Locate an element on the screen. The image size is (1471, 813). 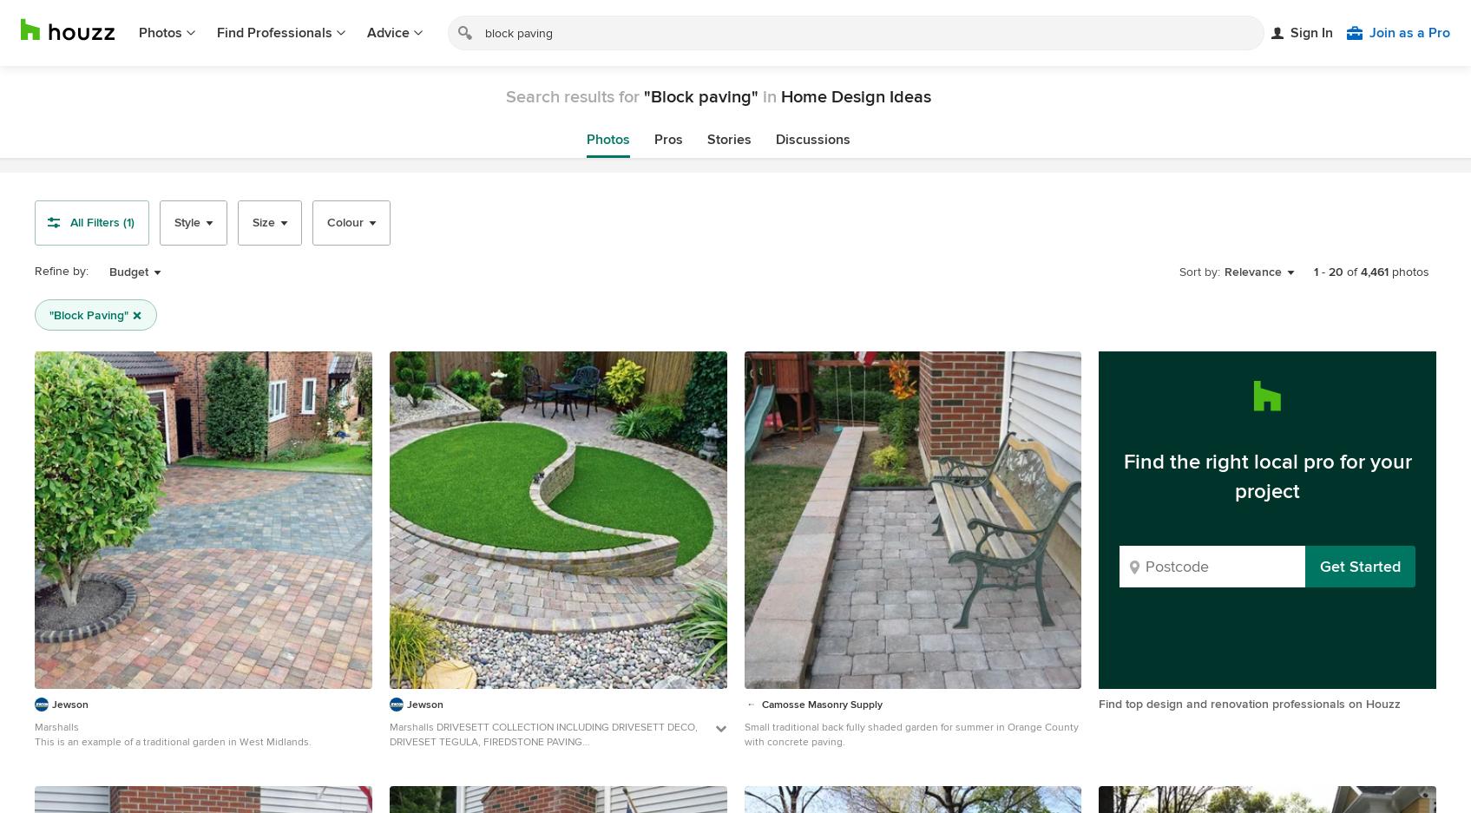
'Sign In' is located at coordinates (1310, 32).